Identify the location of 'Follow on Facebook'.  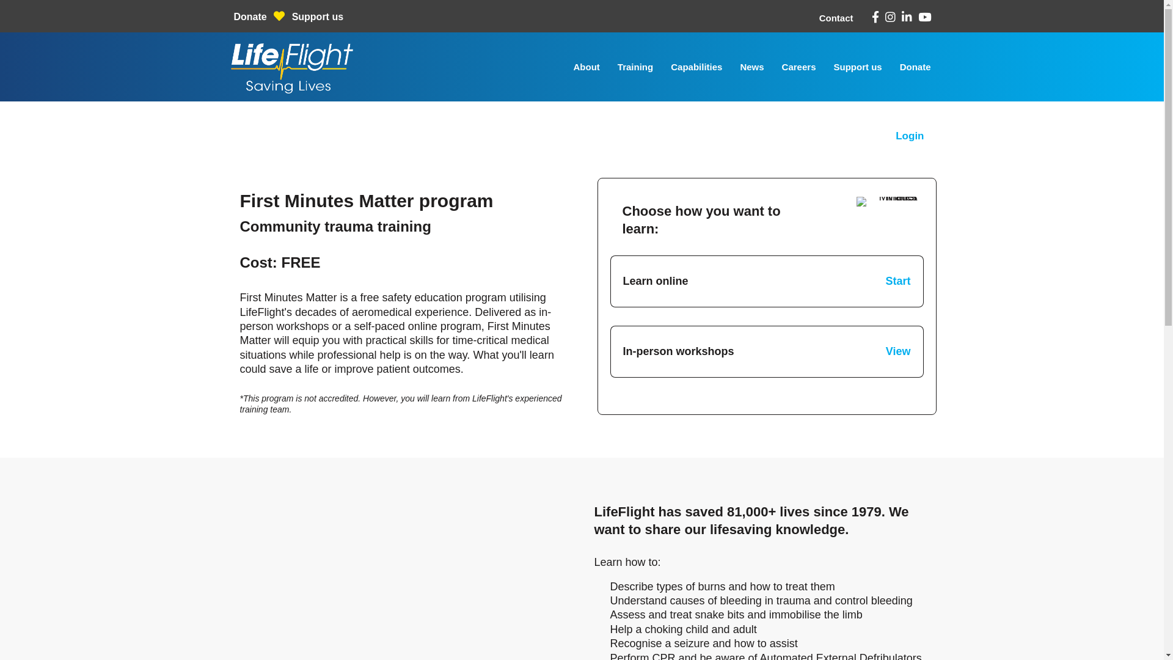
(870, 17).